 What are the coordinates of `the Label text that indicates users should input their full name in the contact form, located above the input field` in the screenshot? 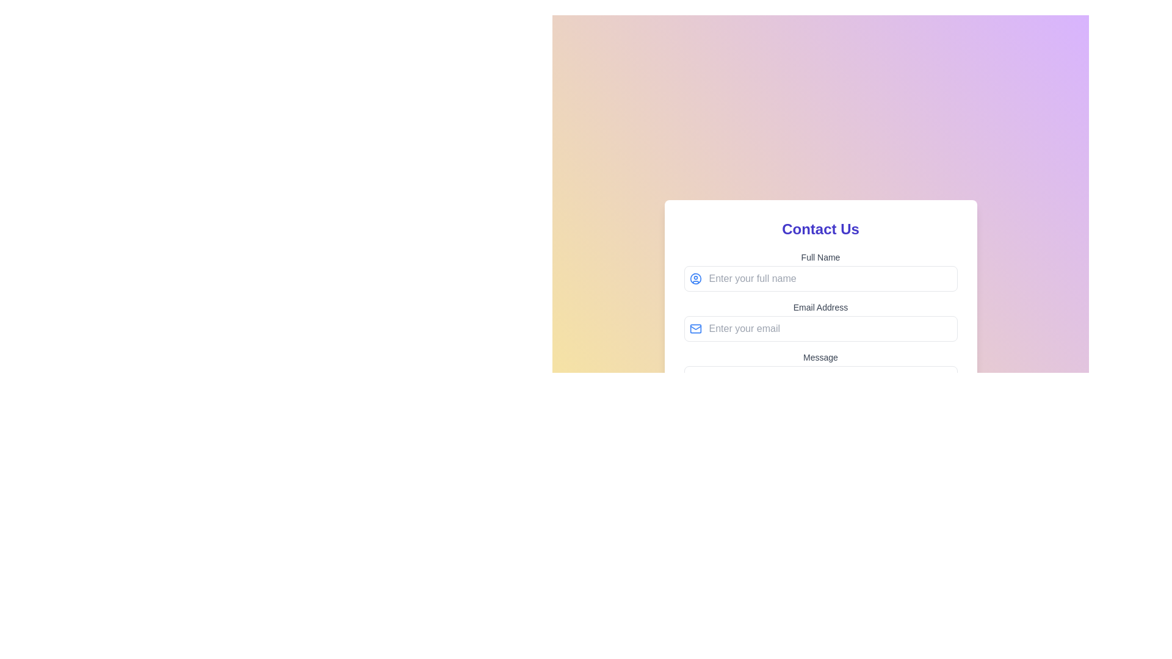 It's located at (820, 256).